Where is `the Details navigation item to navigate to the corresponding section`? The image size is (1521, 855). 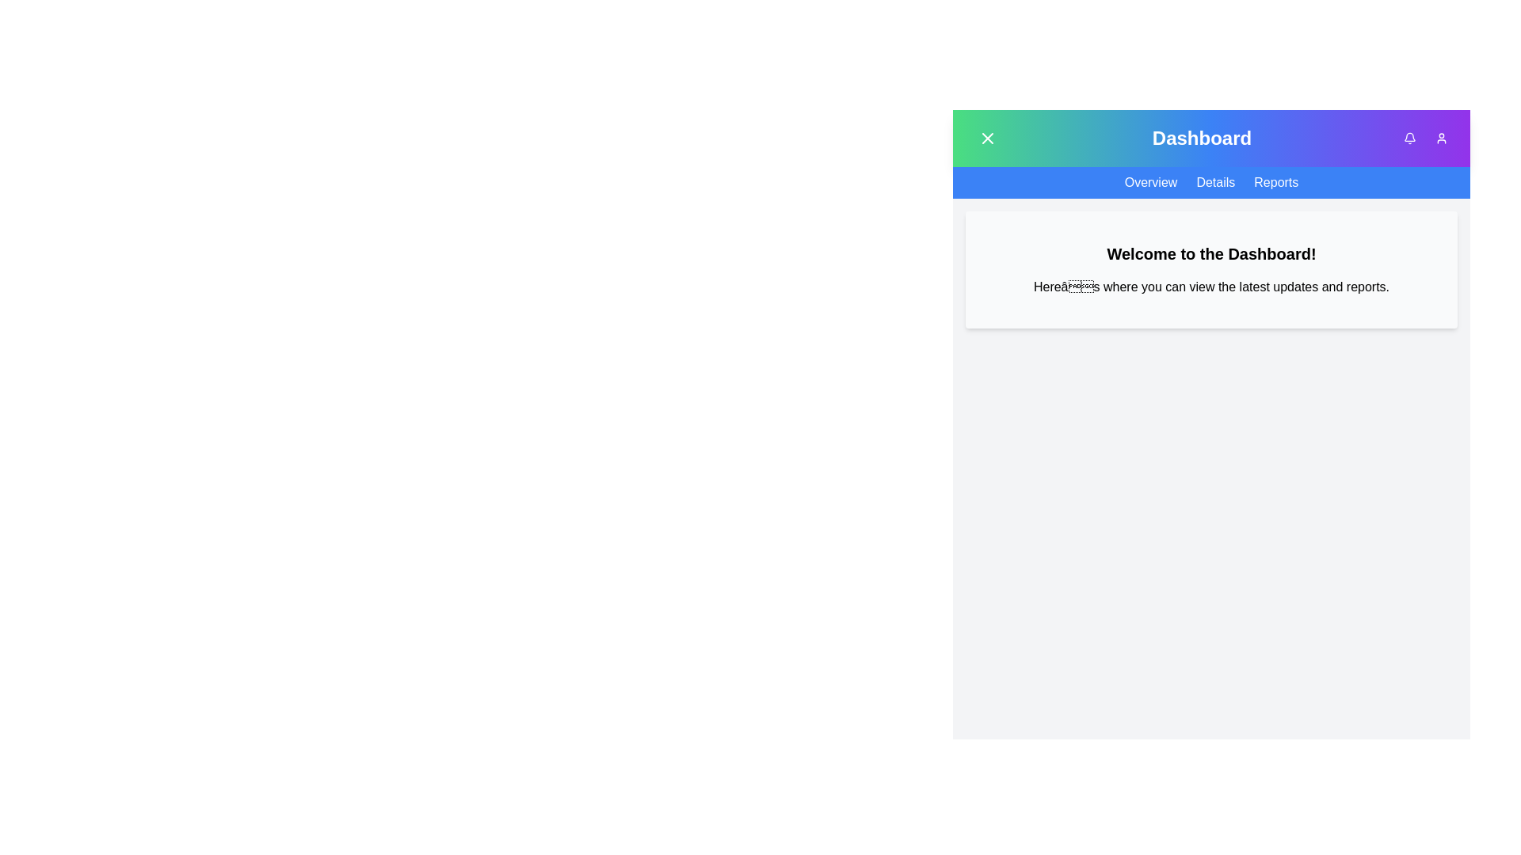
the Details navigation item to navigate to the corresponding section is located at coordinates (1215, 182).